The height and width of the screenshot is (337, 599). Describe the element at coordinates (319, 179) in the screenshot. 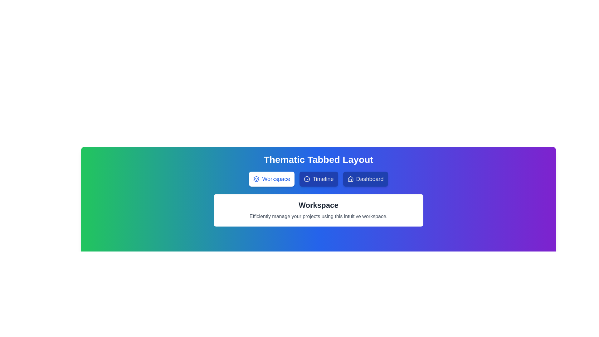

I see `the 'Timeline' button, which has a blue background, rounded corners, and a clock icon to its left, to trigger a visual change` at that location.